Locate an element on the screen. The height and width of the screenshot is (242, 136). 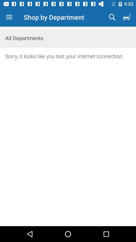
icon above the all departments is located at coordinates (112, 17).